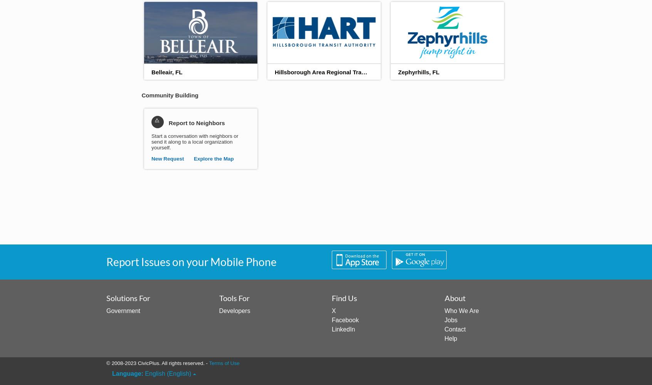  I want to click on 'Terms of Use', so click(223, 363).